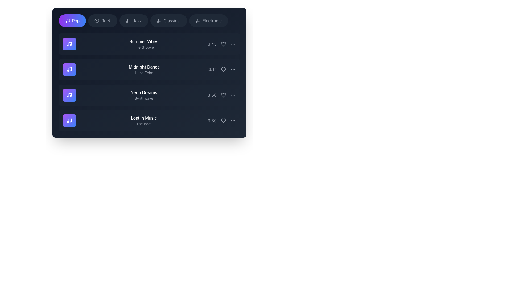 The width and height of the screenshot is (511, 287). Describe the element at coordinates (69, 95) in the screenshot. I see `the icon representing the song 'Neon Dreams' in the list, which is the first item on the left for the genre 'Synthwave'` at that location.